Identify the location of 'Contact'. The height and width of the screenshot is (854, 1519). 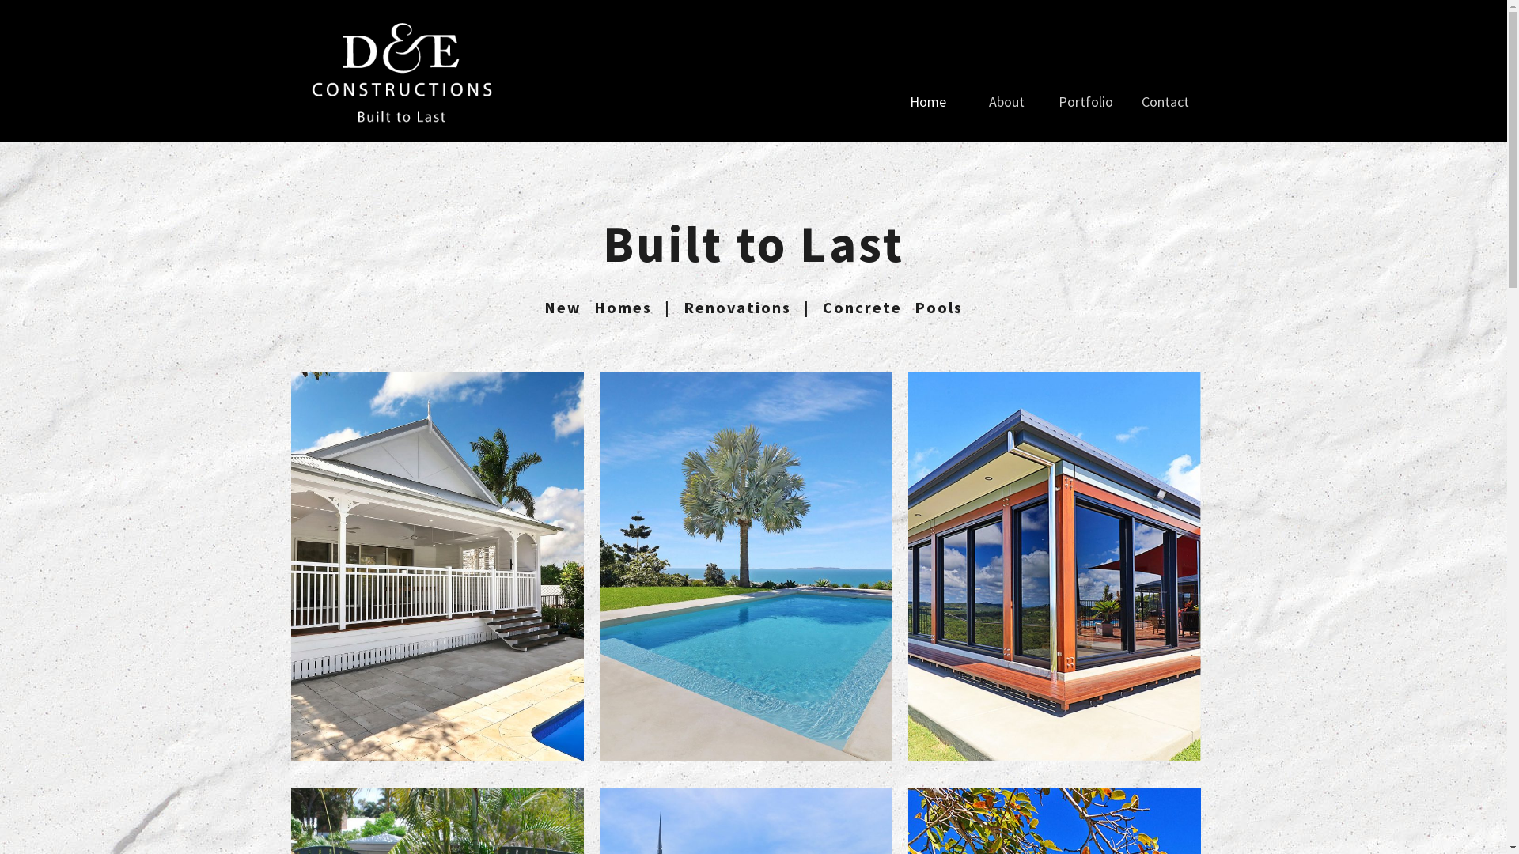
(1165, 102).